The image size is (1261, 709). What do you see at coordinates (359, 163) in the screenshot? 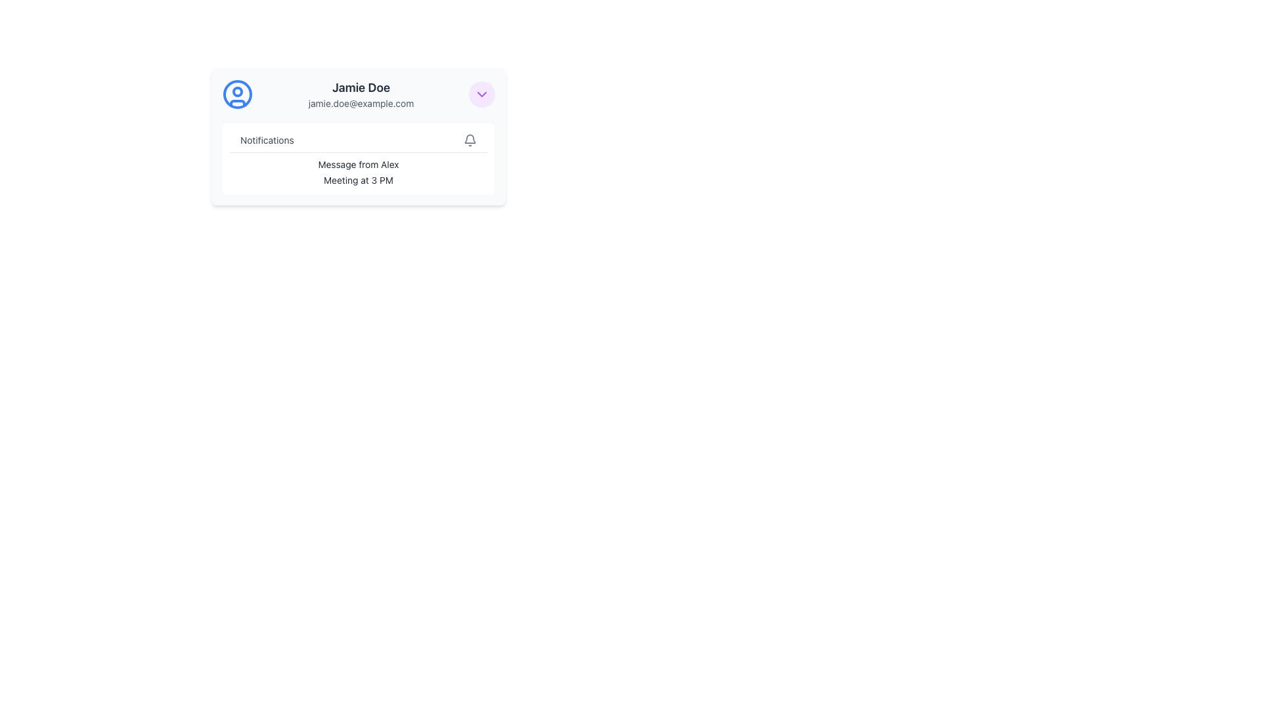
I see `the static text display element that shows notification or message content, located centrally above the entry 'Meeting at 3 PM' in the notifications section` at bounding box center [359, 163].